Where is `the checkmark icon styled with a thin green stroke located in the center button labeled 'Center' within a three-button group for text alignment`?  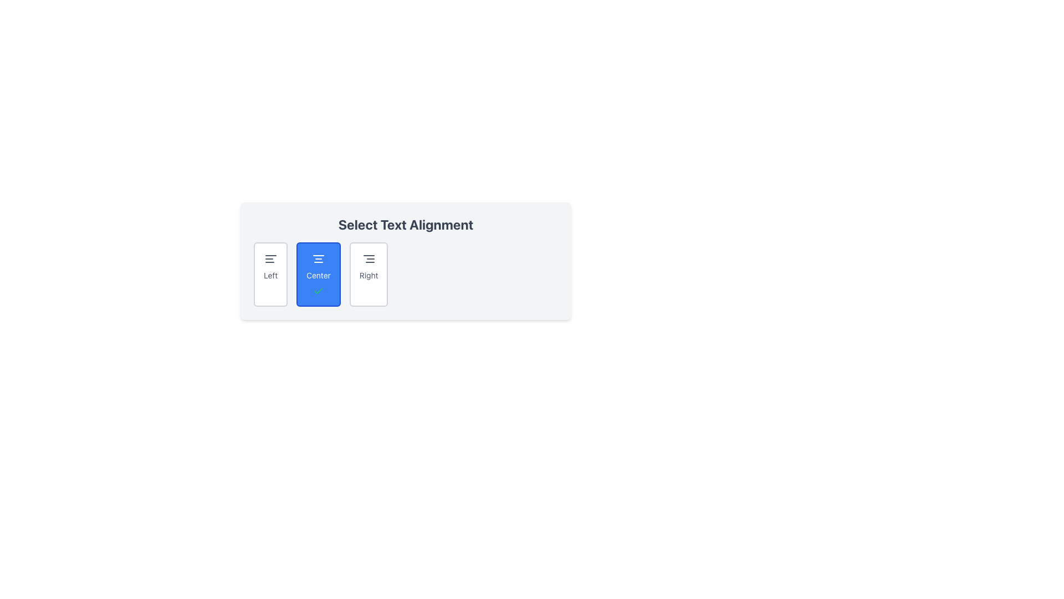
the checkmark icon styled with a thin green stroke located in the center button labeled 'Center' within a three-button group for text alignment is located at coordinates (318, 290).